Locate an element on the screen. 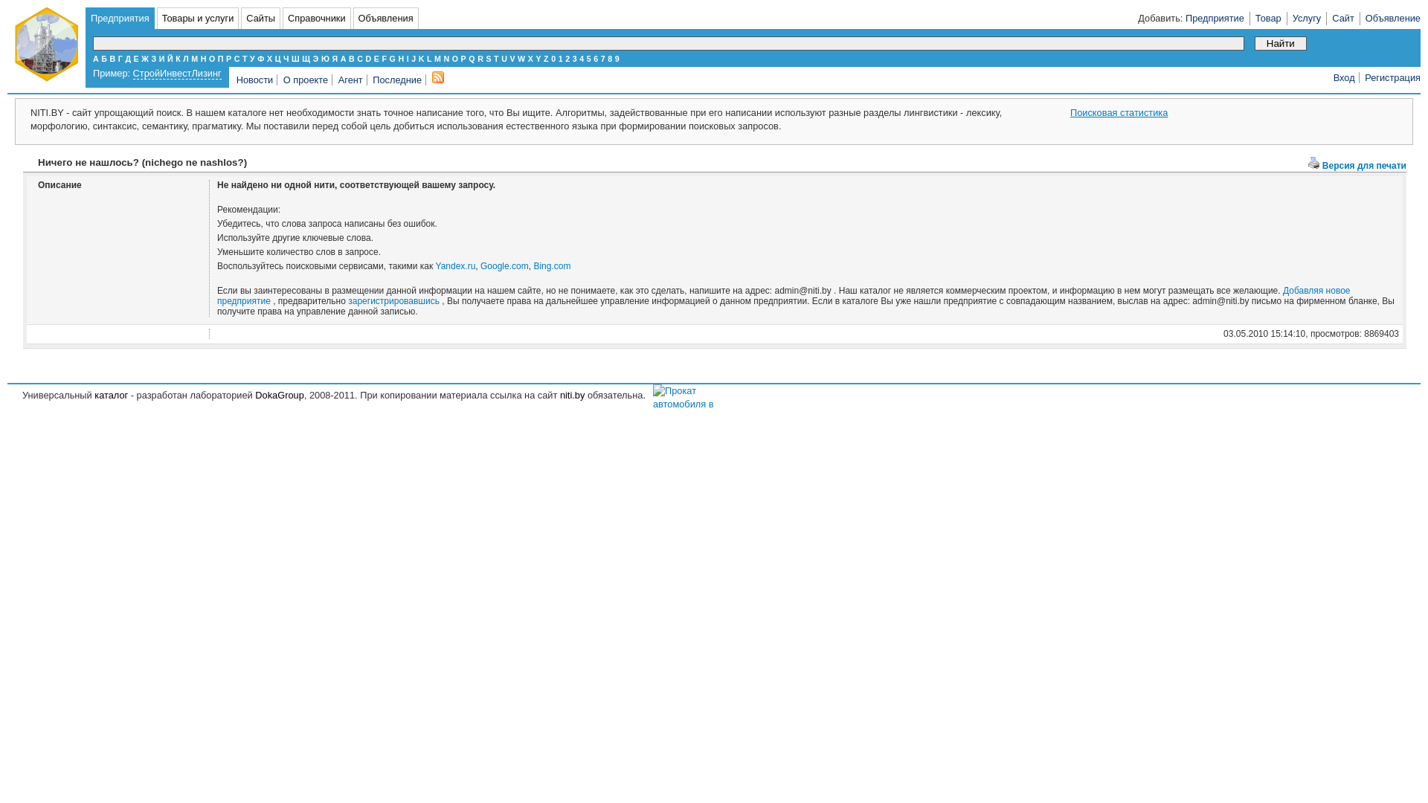  'G' is located at coordinates (393, 57).